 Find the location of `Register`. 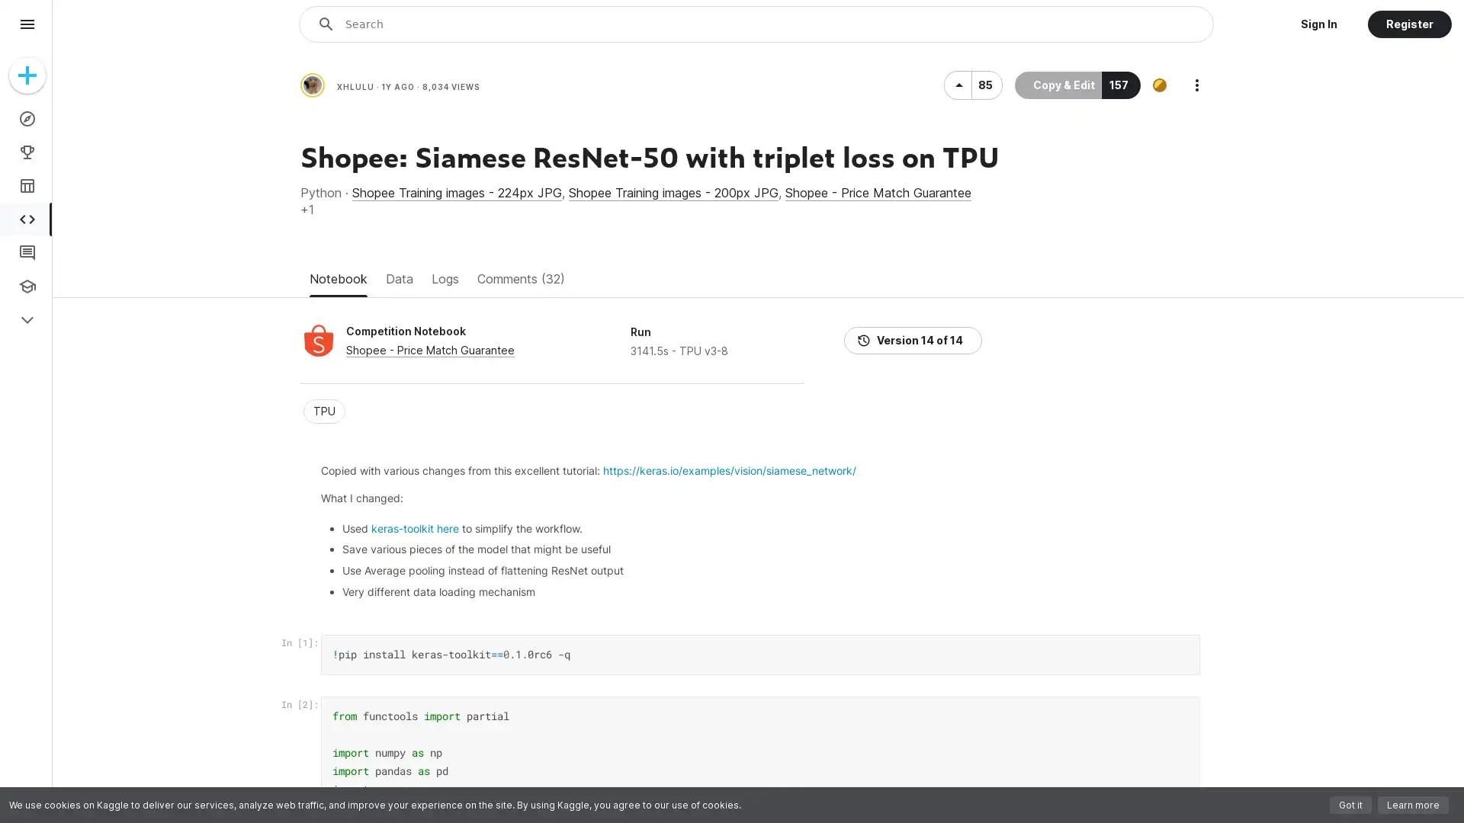

Register is located at coordinates (1408, 24).